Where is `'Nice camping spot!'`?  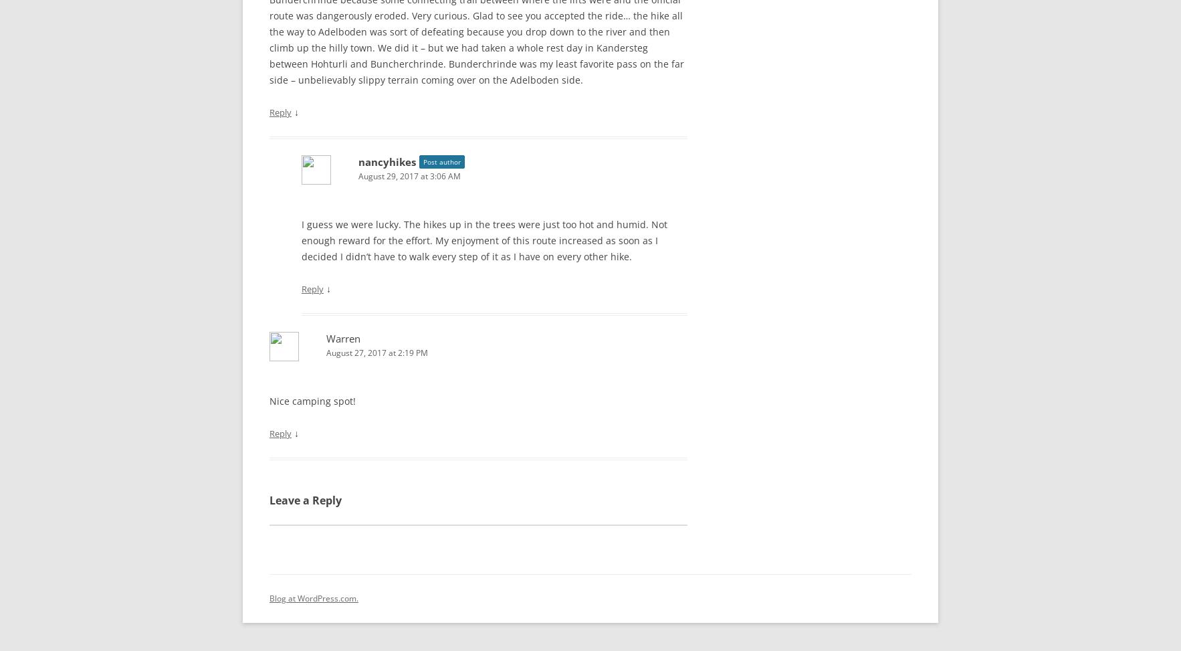
'Nice camping spot!' is located at coordinates (312, 397).